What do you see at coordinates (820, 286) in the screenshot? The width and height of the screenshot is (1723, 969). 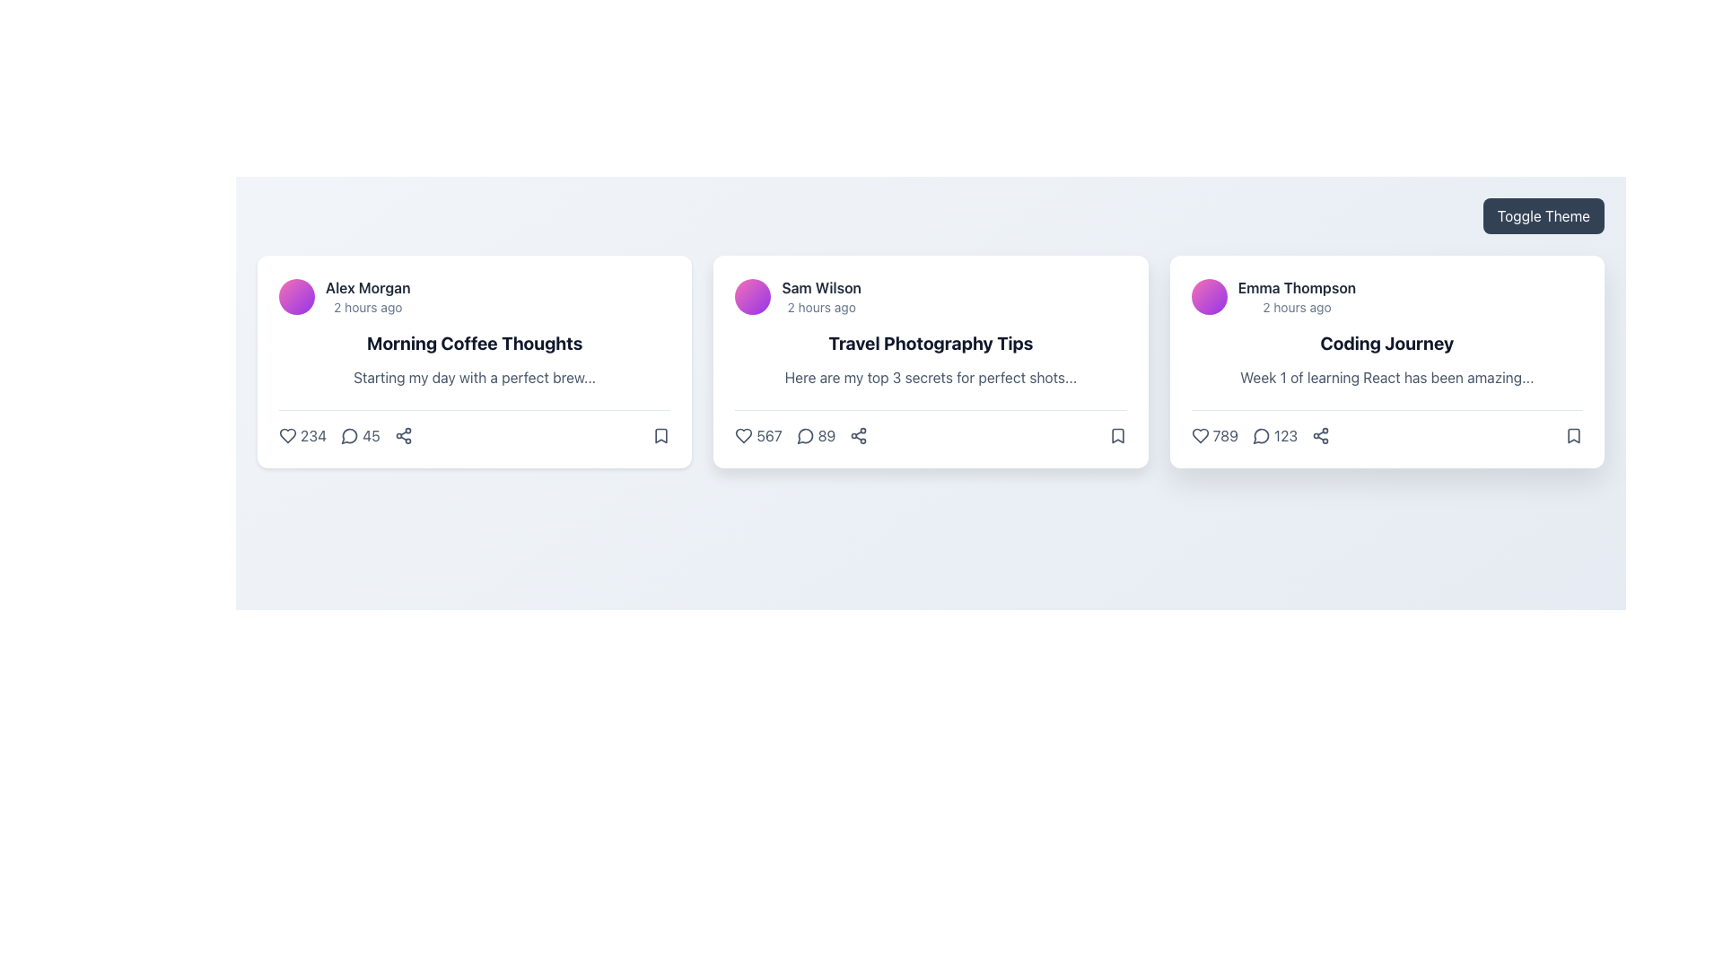 I see `the text label displaying 'Sam Wilson' in bold styling, located in the second card of three horizontally aligned cards, positioned near the top-left corner next to a circular avatar icon` at bounding box center [820, 286].